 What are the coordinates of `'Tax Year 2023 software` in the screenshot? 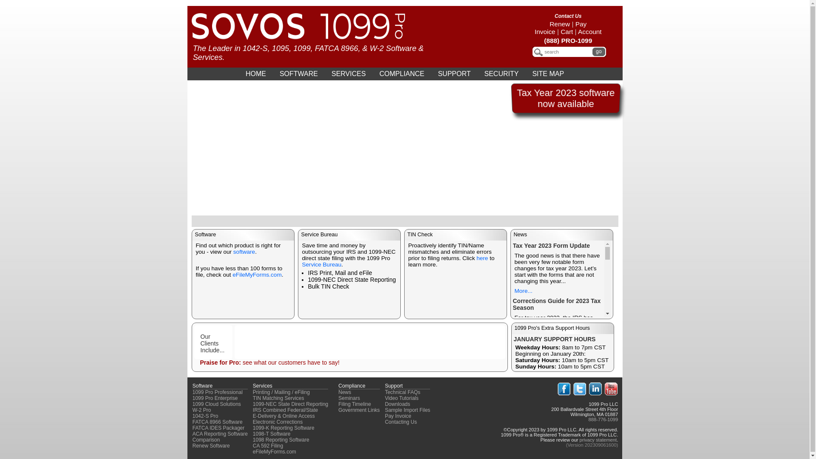 It's located at (516, 98).